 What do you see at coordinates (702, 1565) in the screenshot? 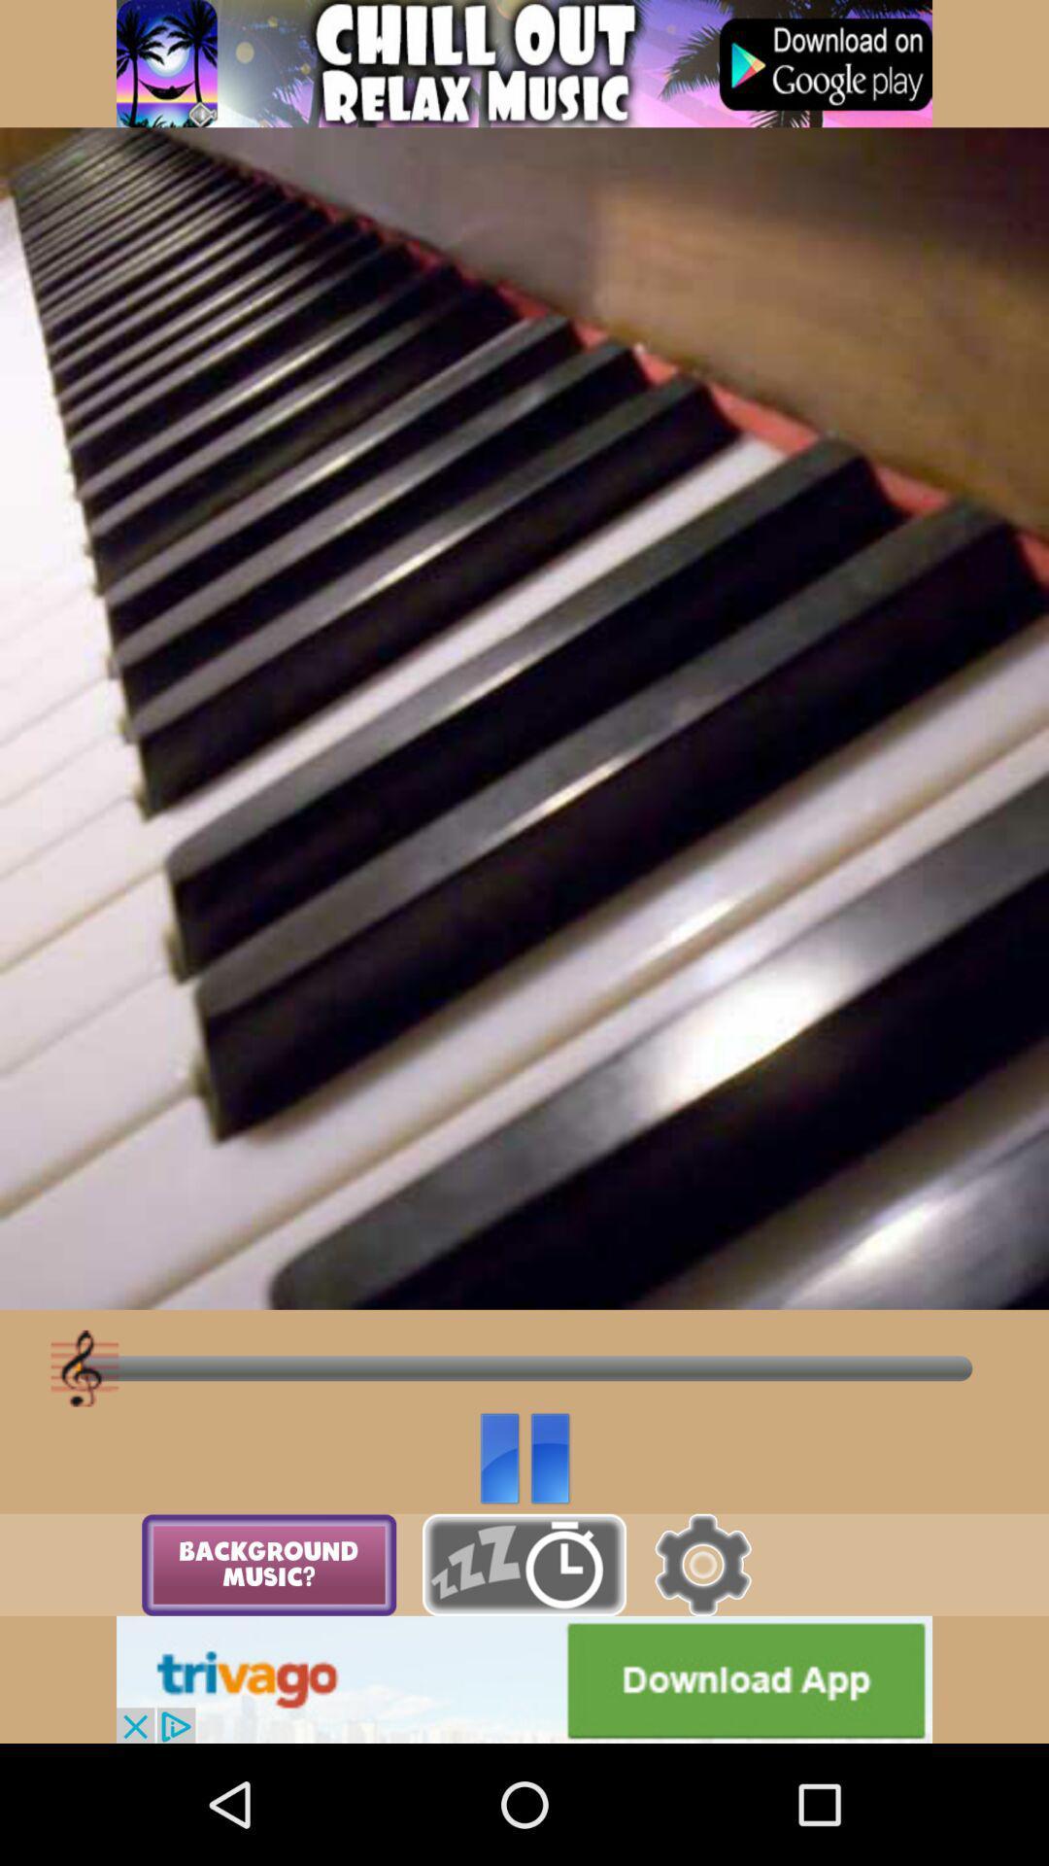
I see `settings button` at bounding box center [702, 1565].